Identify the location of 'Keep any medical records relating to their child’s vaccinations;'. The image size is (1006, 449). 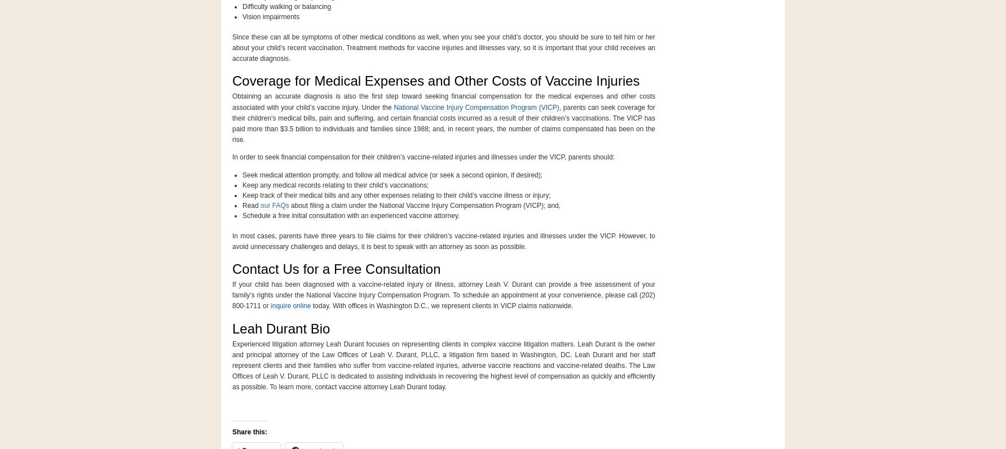
(334, 184).